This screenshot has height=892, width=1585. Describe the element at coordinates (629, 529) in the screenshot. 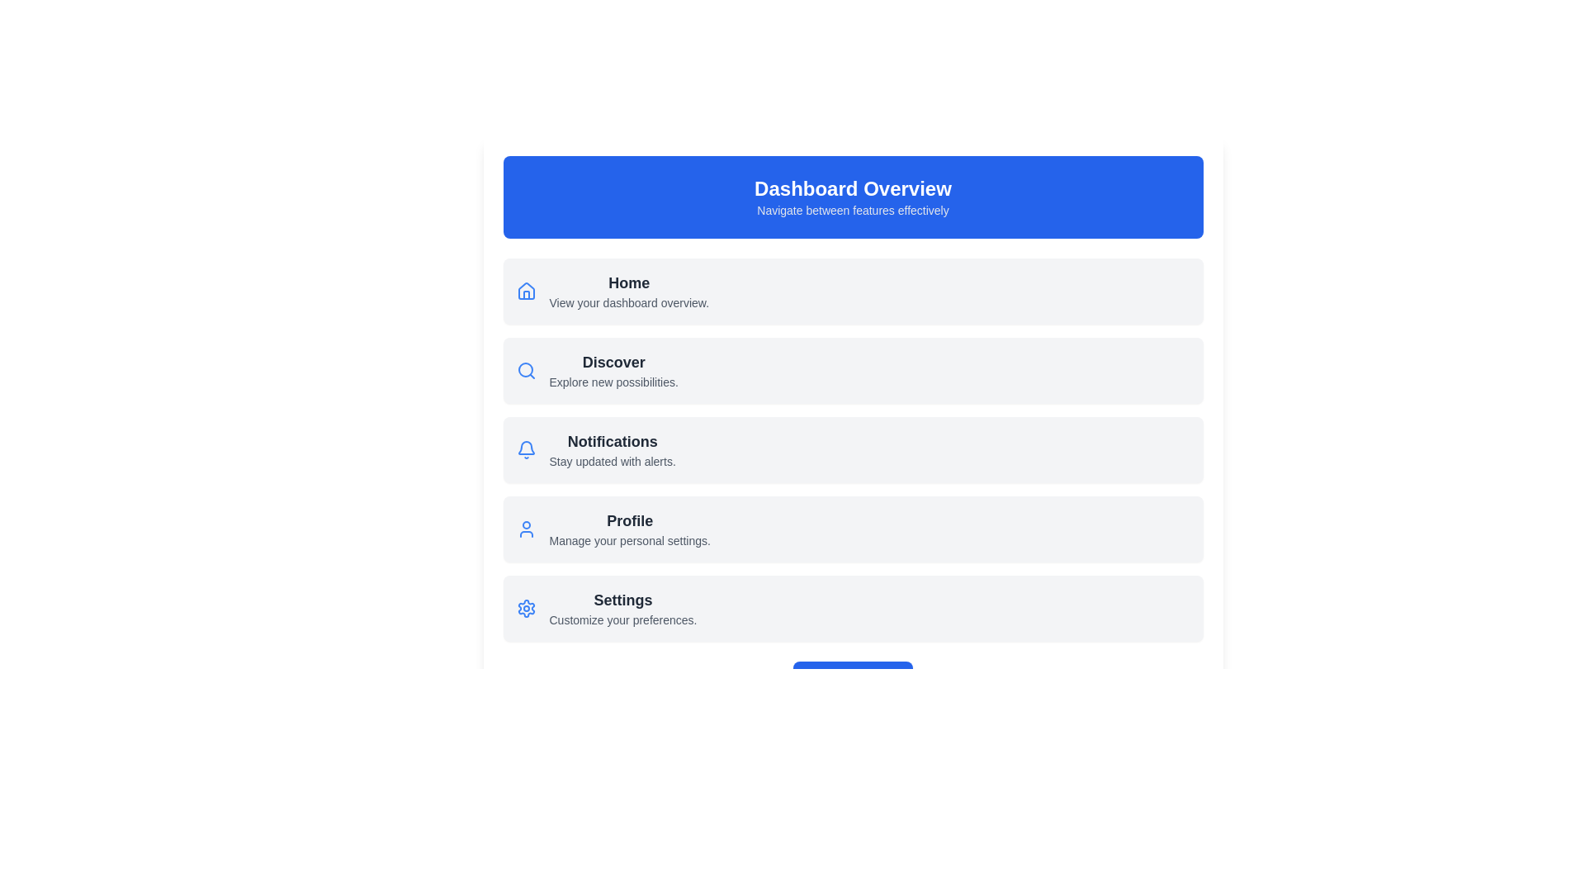

I see `the text block that serves as a menu item for managing personal settings, positioned fourth in a vertical list between 'Notifications' and 'Settings'` at that location.